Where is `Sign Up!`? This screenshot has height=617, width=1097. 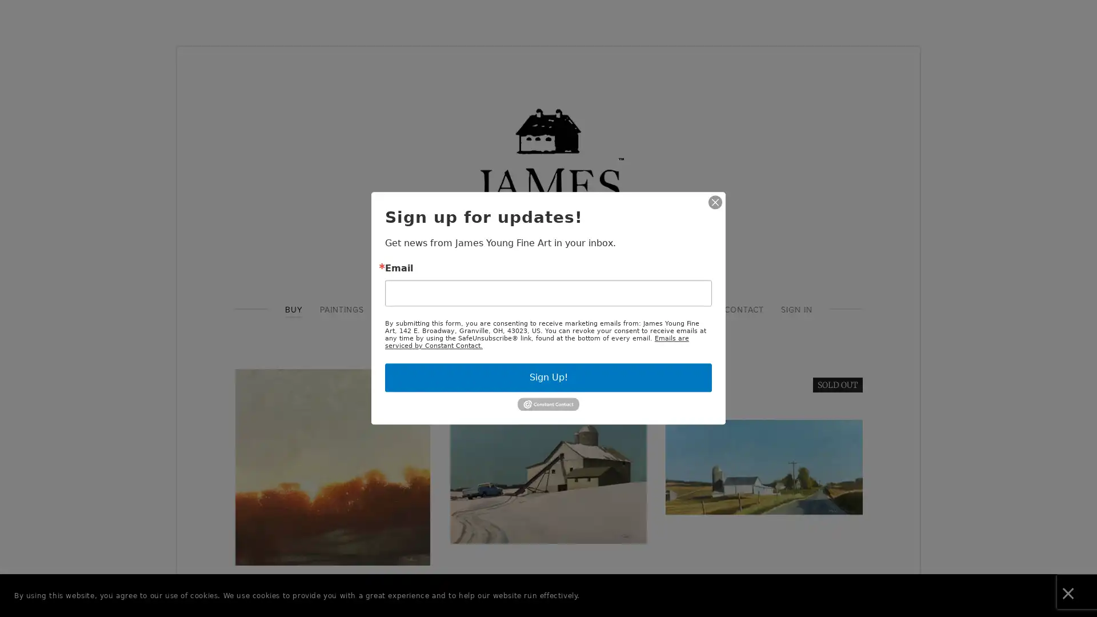
Sign Up! is located at coordinates (548, 377).